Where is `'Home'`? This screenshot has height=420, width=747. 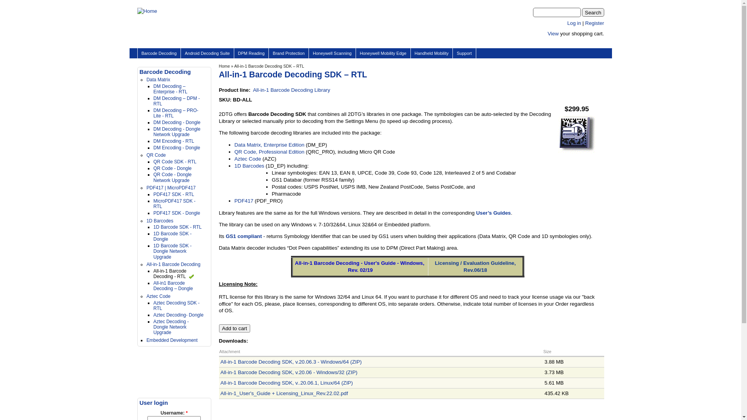 'Home' is located at coordinates (129, 11).